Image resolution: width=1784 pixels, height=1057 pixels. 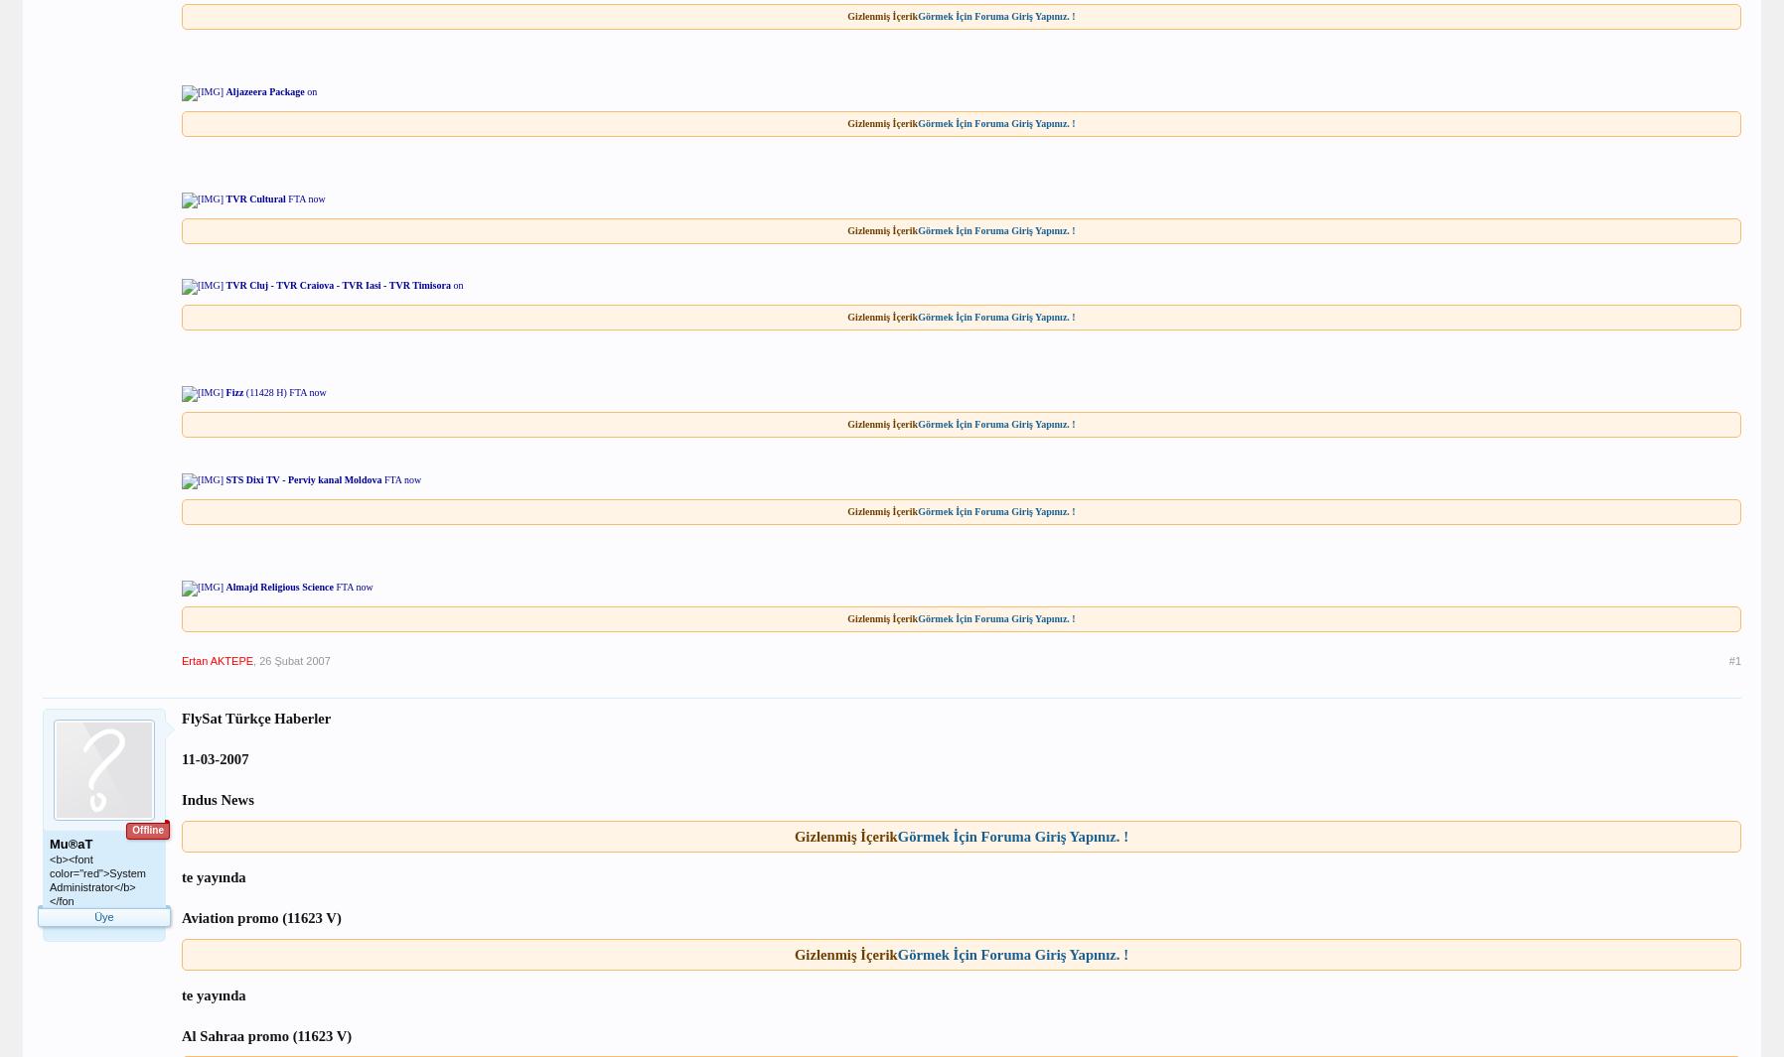 What do you see at coordinates (154, 979) in the screenshot?
I see `'1'` at bounding box center [154, 979].